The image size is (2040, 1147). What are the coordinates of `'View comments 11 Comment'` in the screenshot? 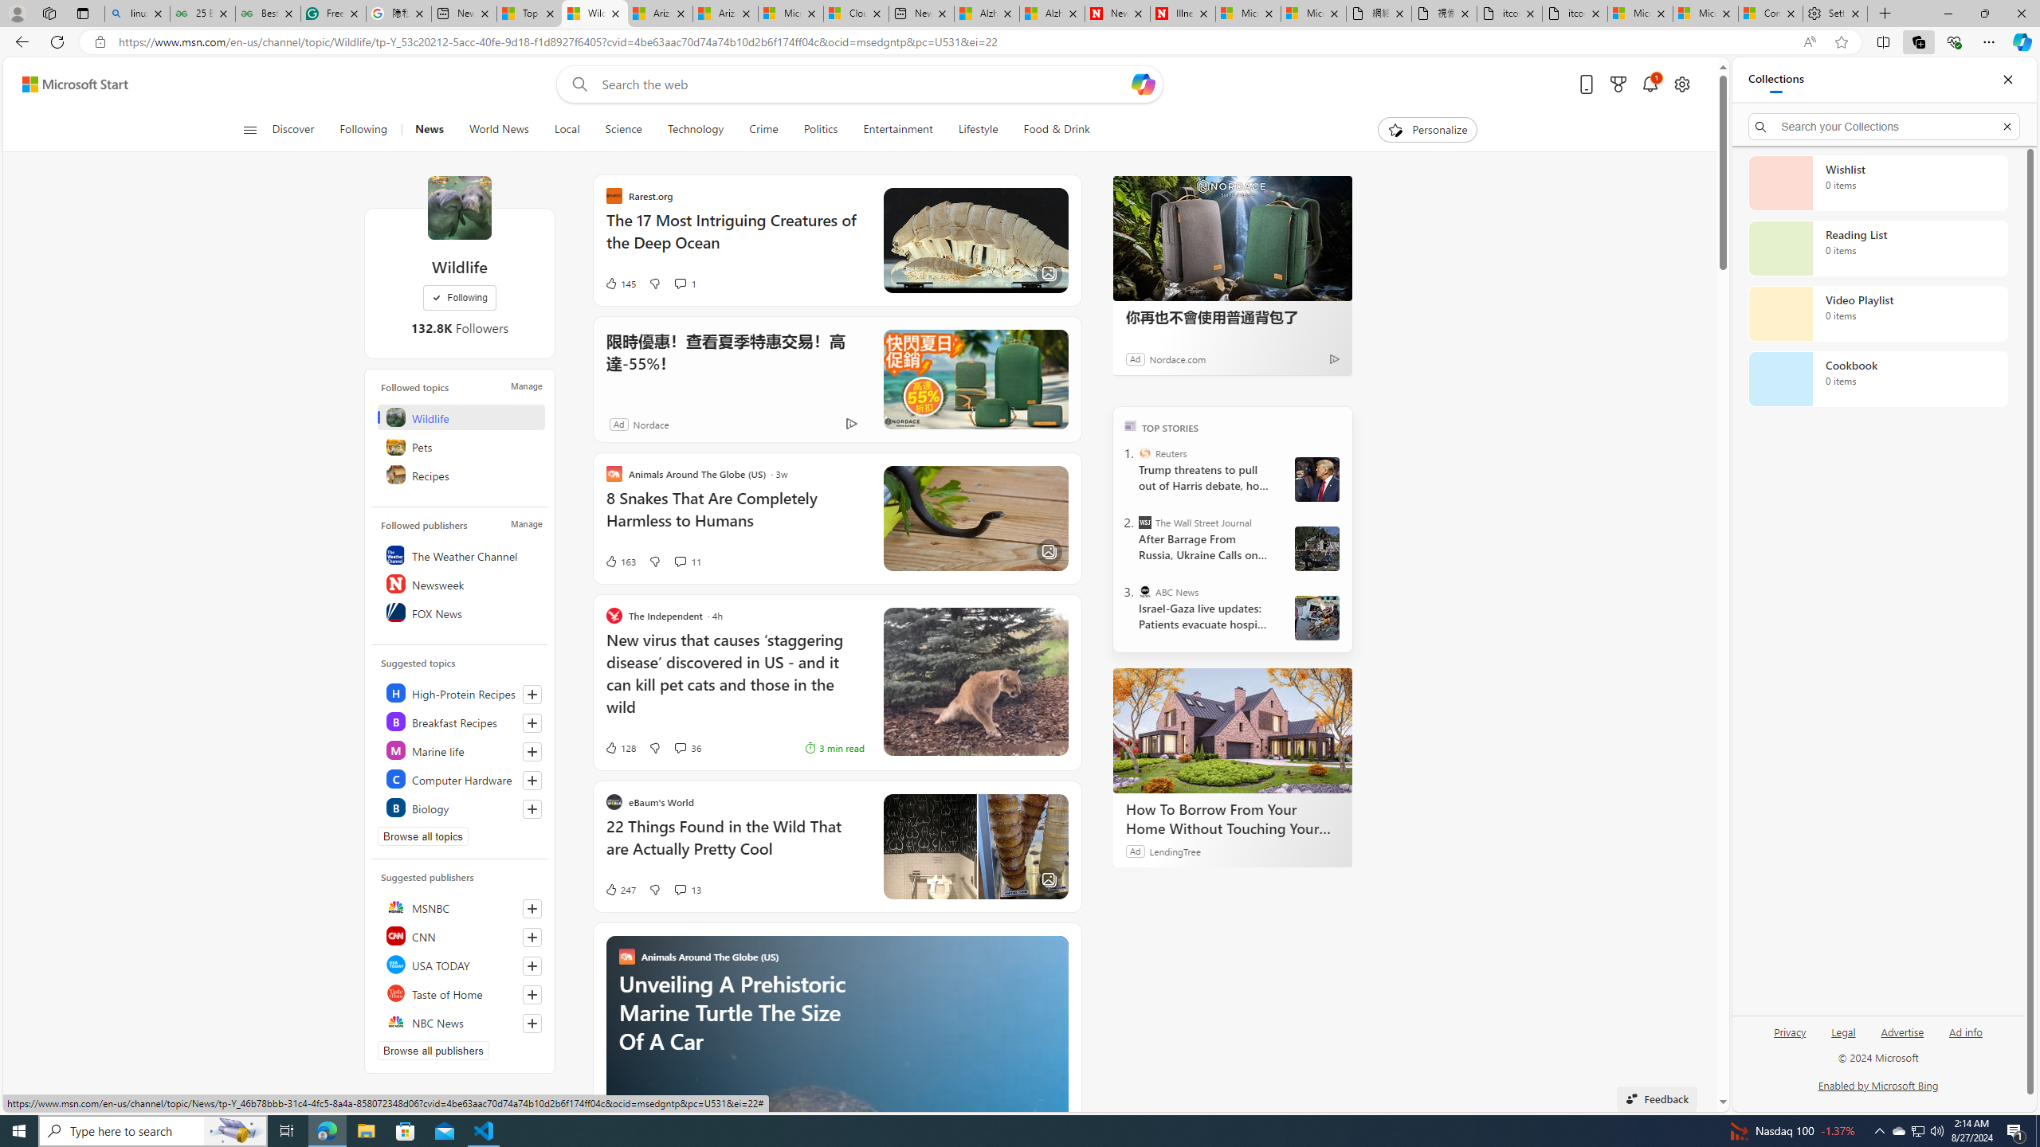 It's located at (679, 561).